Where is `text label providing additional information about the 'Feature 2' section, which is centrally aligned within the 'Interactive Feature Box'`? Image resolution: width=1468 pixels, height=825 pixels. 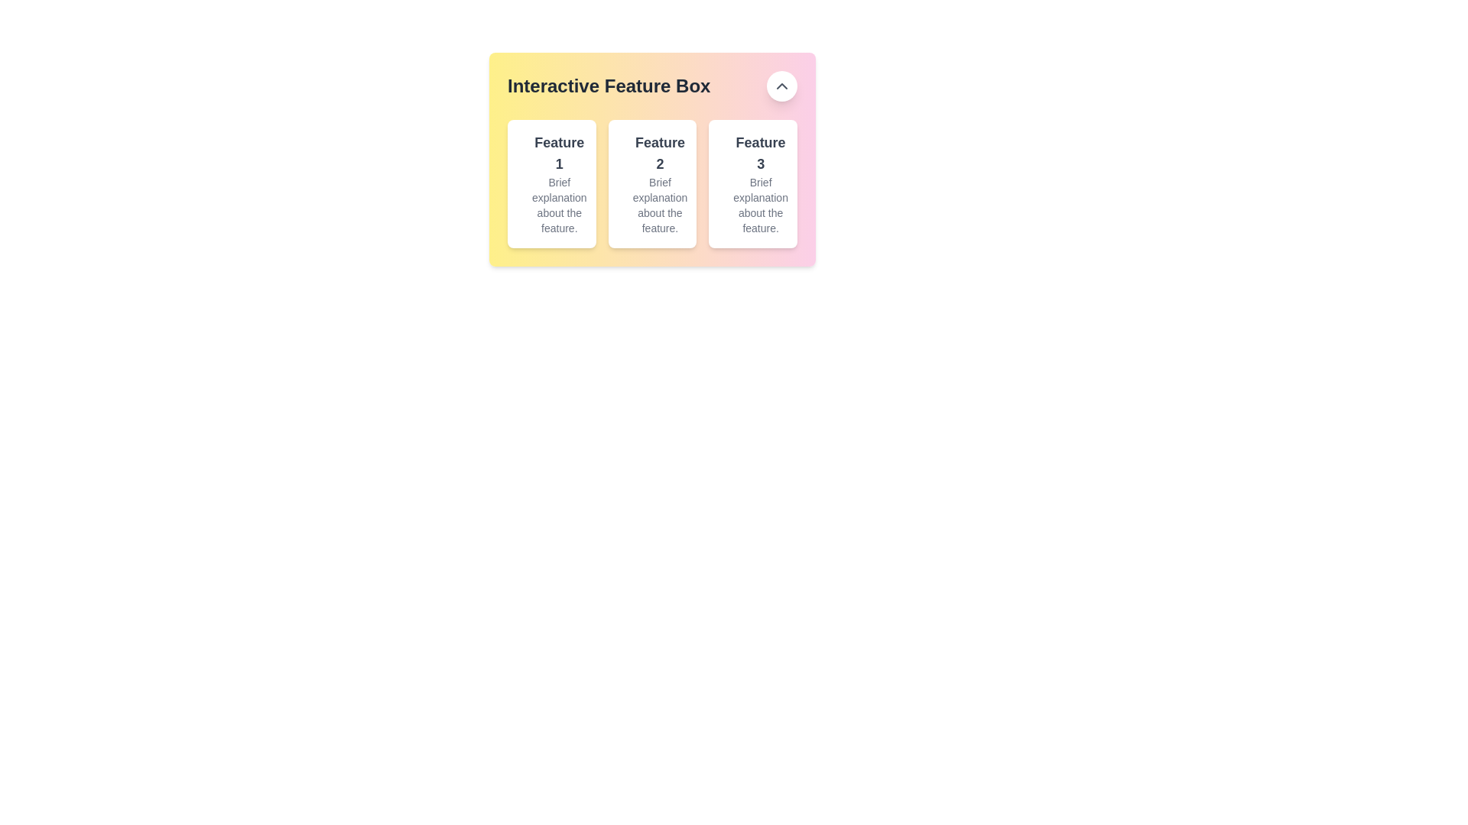 text label providing additional information about the 'Feature 2' section, which is centrally aligned within the 'Interactive Feature Box' is located at coordinates (660, 205).